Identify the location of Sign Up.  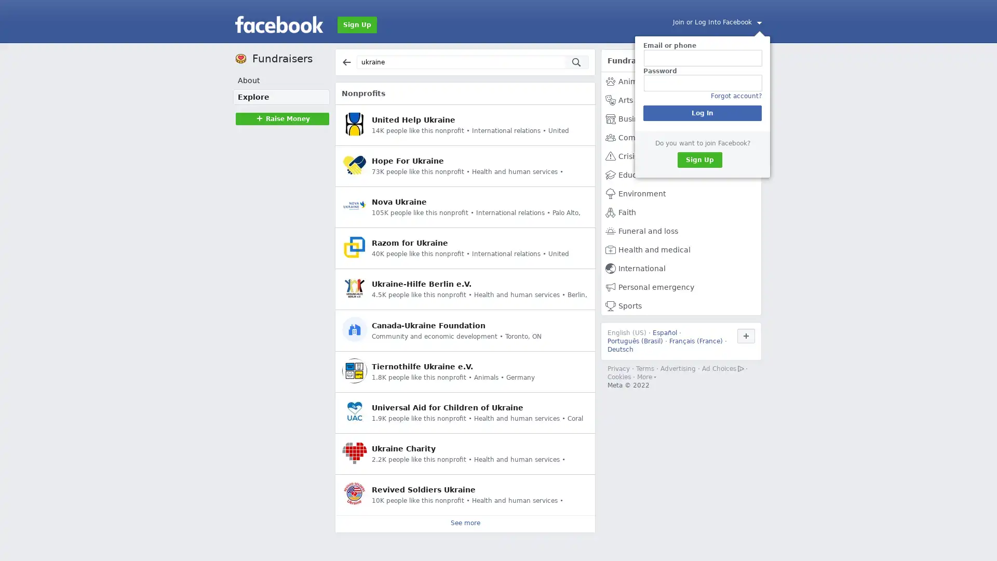
(700, 160).